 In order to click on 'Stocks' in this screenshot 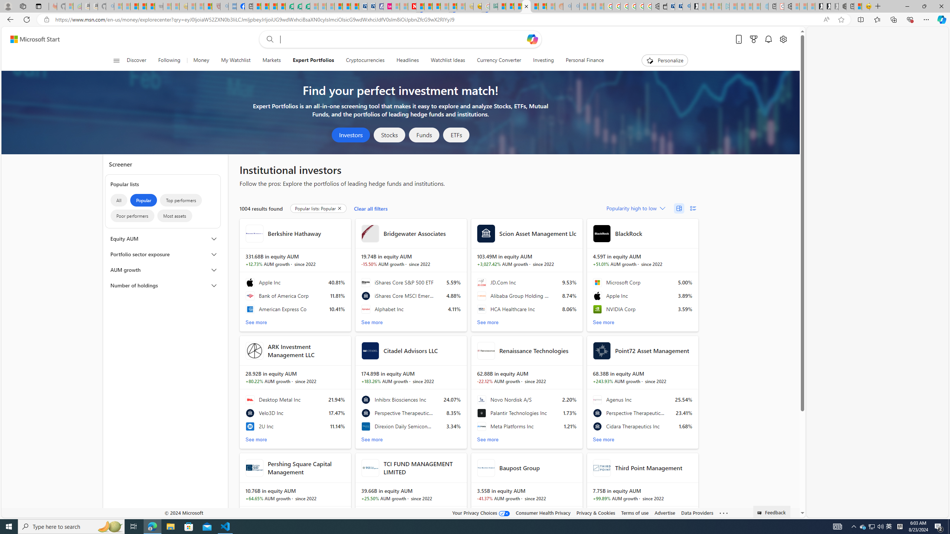, I will do `click(389, 135)`.